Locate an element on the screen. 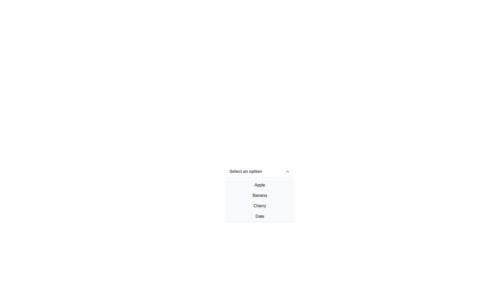  the dropdown menu item labeled 'Banana' is located at coordinates (260, 193).